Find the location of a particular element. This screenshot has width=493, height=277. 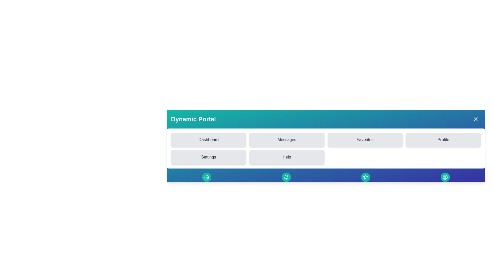

the menu item labeled Profile to navigate to the corresponding section is located at coordinates (443, 140).